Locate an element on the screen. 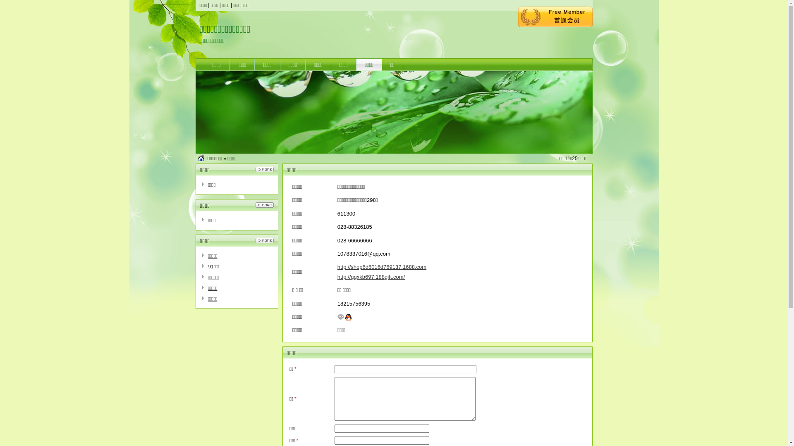  'http://ggxkb697.188gift.com/' is located at coordinates (371, 277).